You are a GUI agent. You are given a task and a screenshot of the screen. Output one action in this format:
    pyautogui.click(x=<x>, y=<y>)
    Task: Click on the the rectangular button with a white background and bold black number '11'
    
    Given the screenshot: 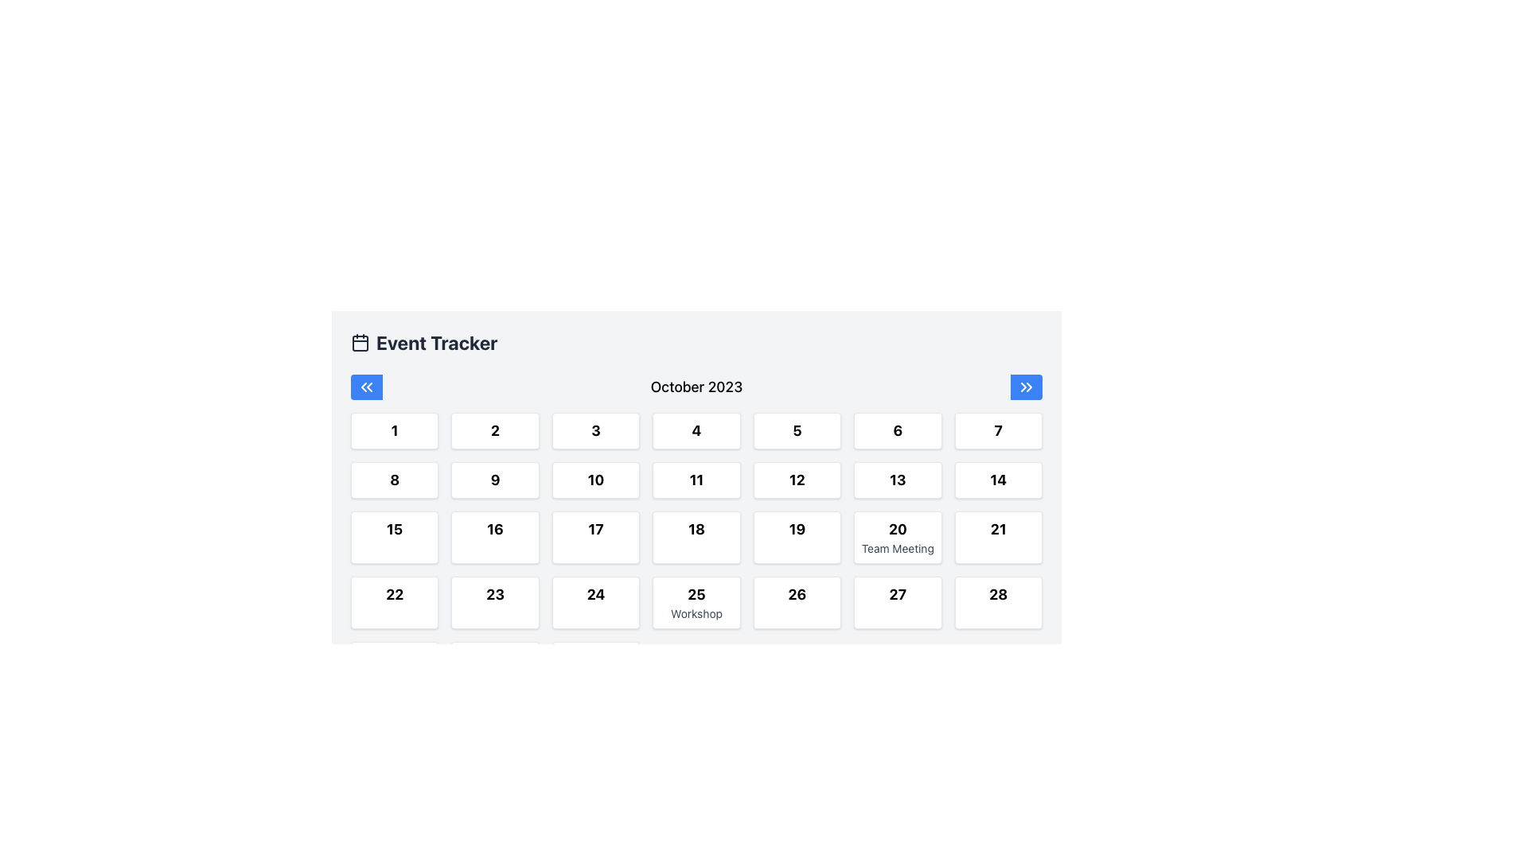 What is the action you would take?
    pyautogui.click(x=696, y=480)
    